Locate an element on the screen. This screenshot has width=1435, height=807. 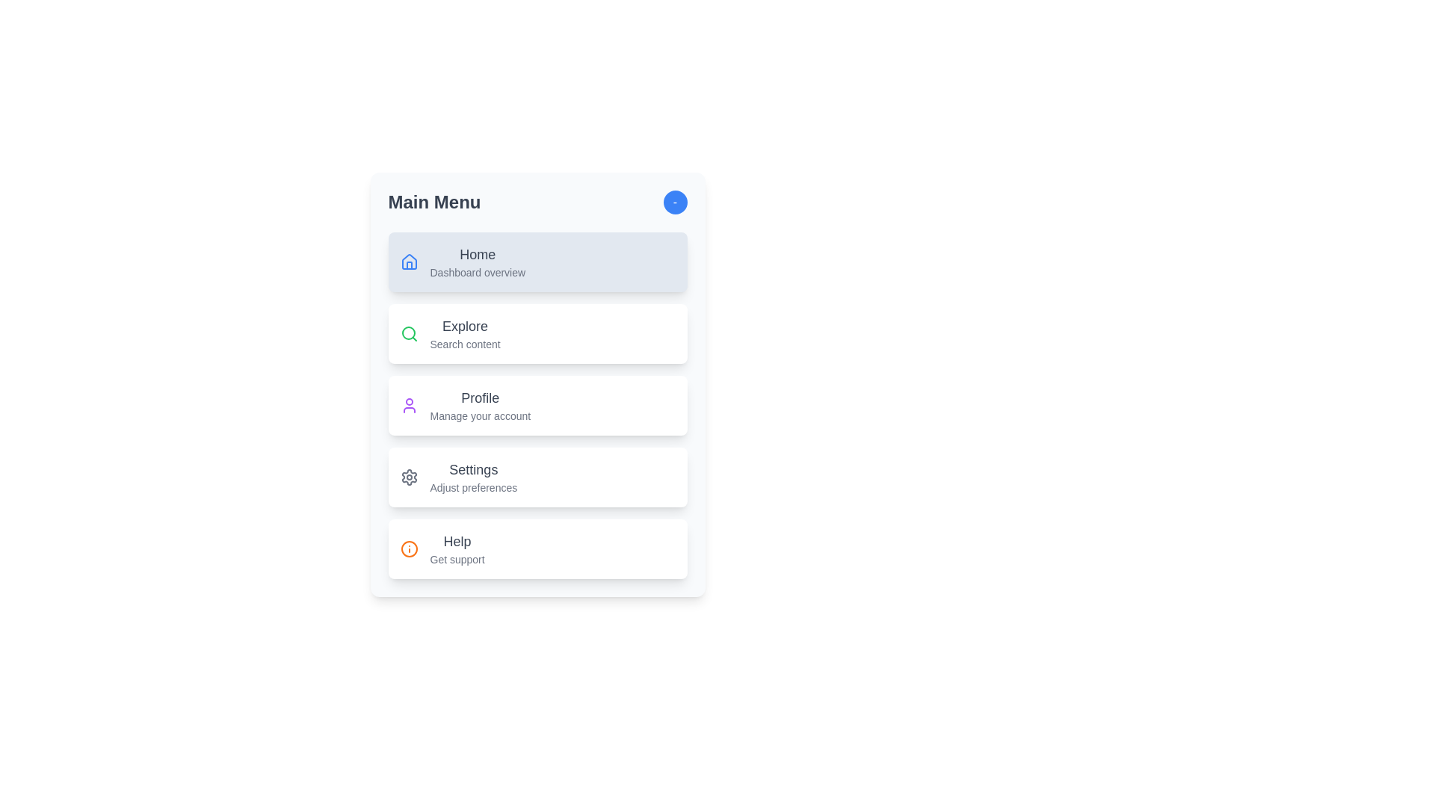
the menu item labeled 'Profile' to observe visual feedback is located at coordinates (537, 406).